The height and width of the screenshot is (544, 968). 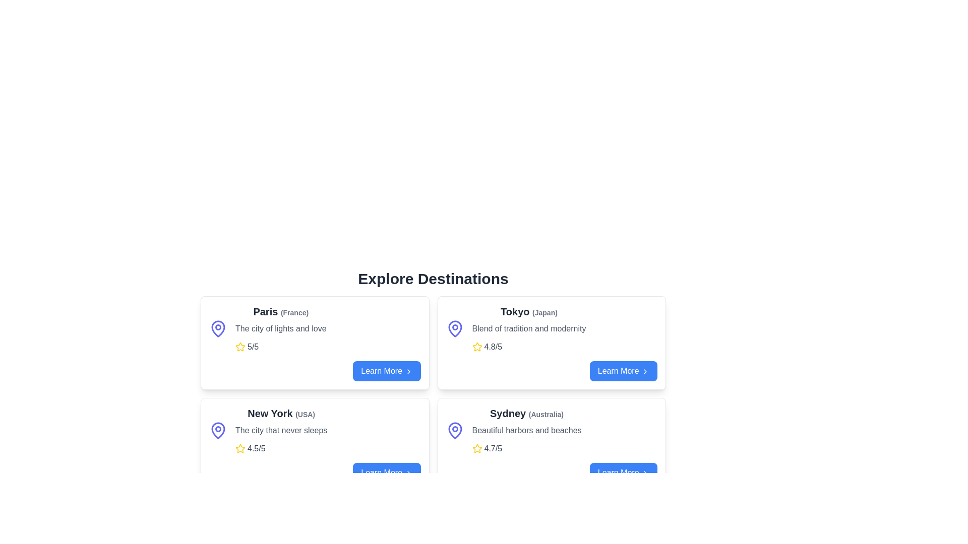 I want to click on the yellow star icon with a hollow center located next to the rating text '4.8/5' inside the card for 'Tokyo (Japan)' in the 'Explore Destinations' section, so click(x=476, y=346).